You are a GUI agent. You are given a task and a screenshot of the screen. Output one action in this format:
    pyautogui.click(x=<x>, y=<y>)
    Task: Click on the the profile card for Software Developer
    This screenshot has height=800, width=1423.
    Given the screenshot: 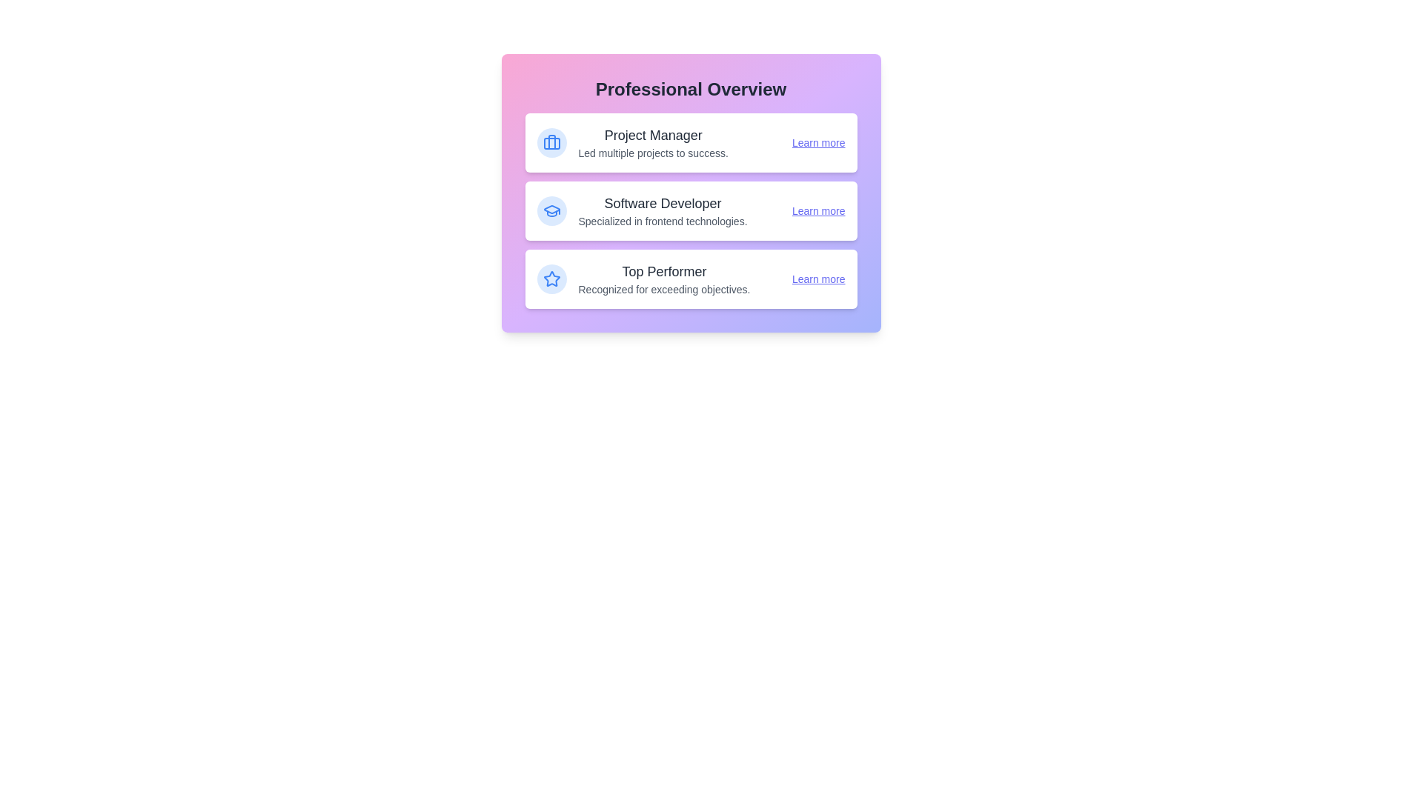 What is the action you would take?
    pyautogui.click(x=690, y=211)
    